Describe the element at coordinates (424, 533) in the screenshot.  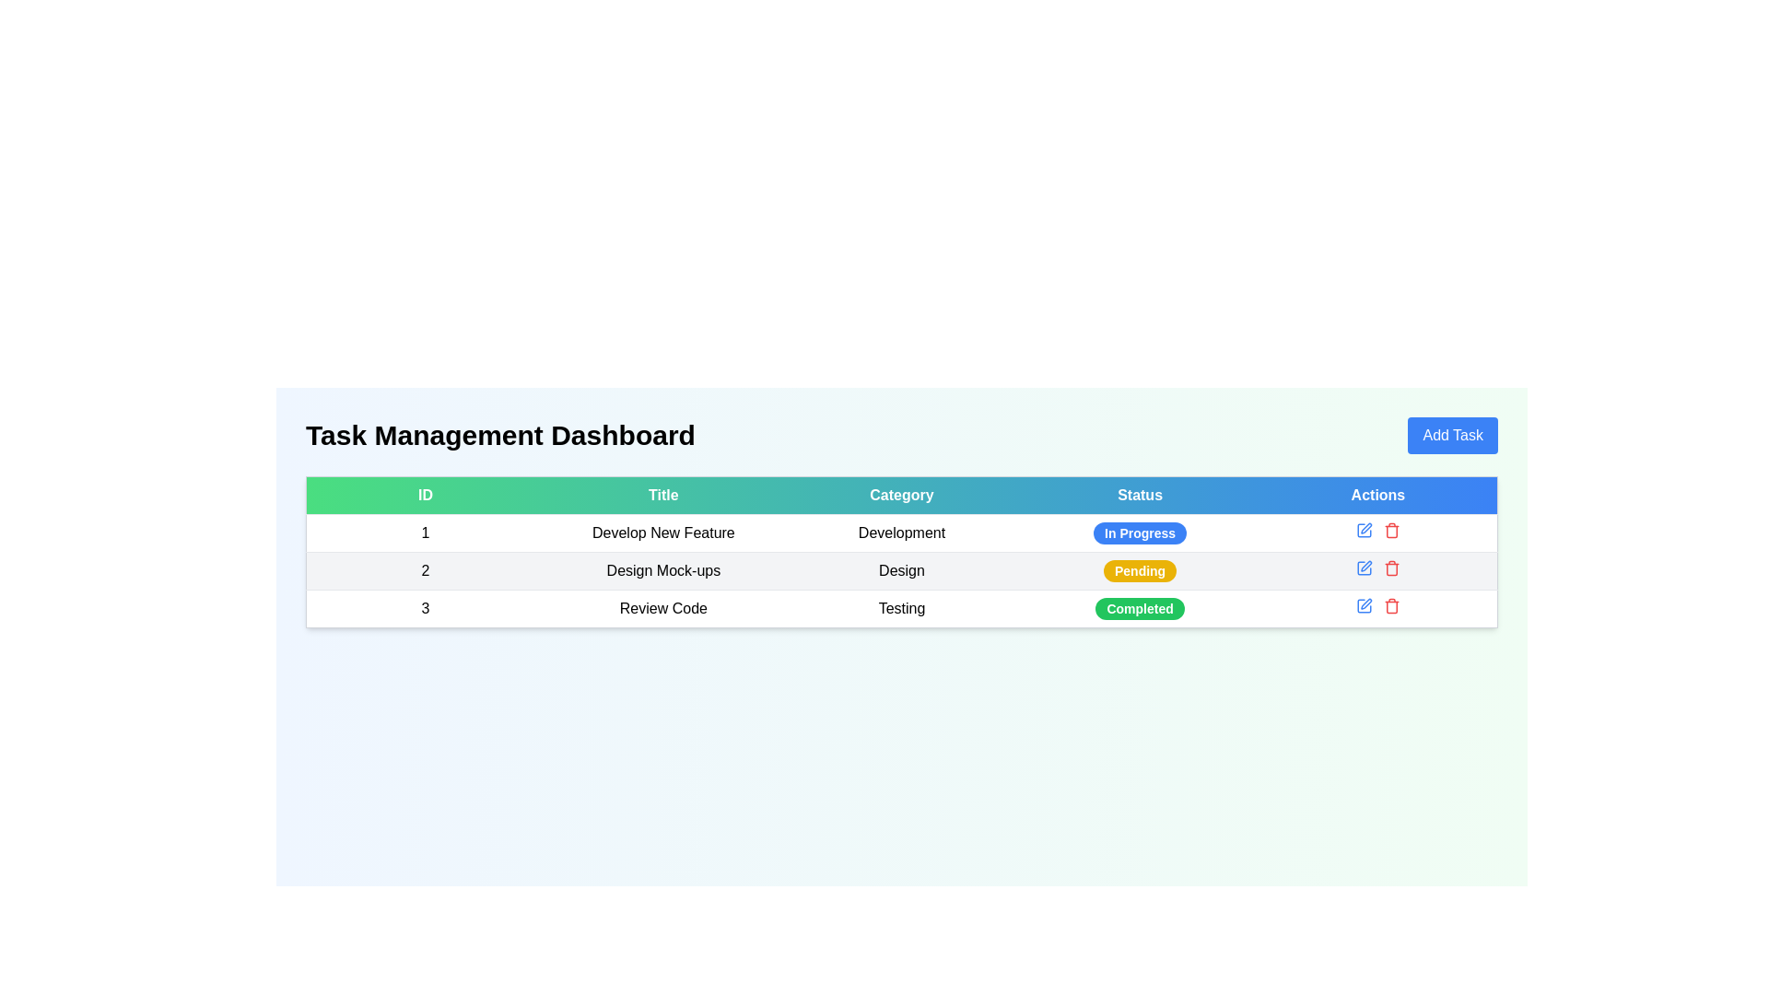
I see `the numeral '1' in the first row of the table under the 'ID' column, which is bold and black-colored` at that location.